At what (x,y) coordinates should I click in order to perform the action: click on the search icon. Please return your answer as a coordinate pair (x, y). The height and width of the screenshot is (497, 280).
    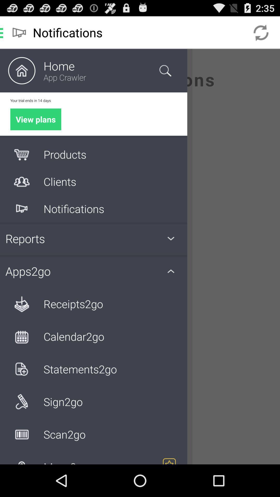
    Looking at the image, I should click on (165, 70).